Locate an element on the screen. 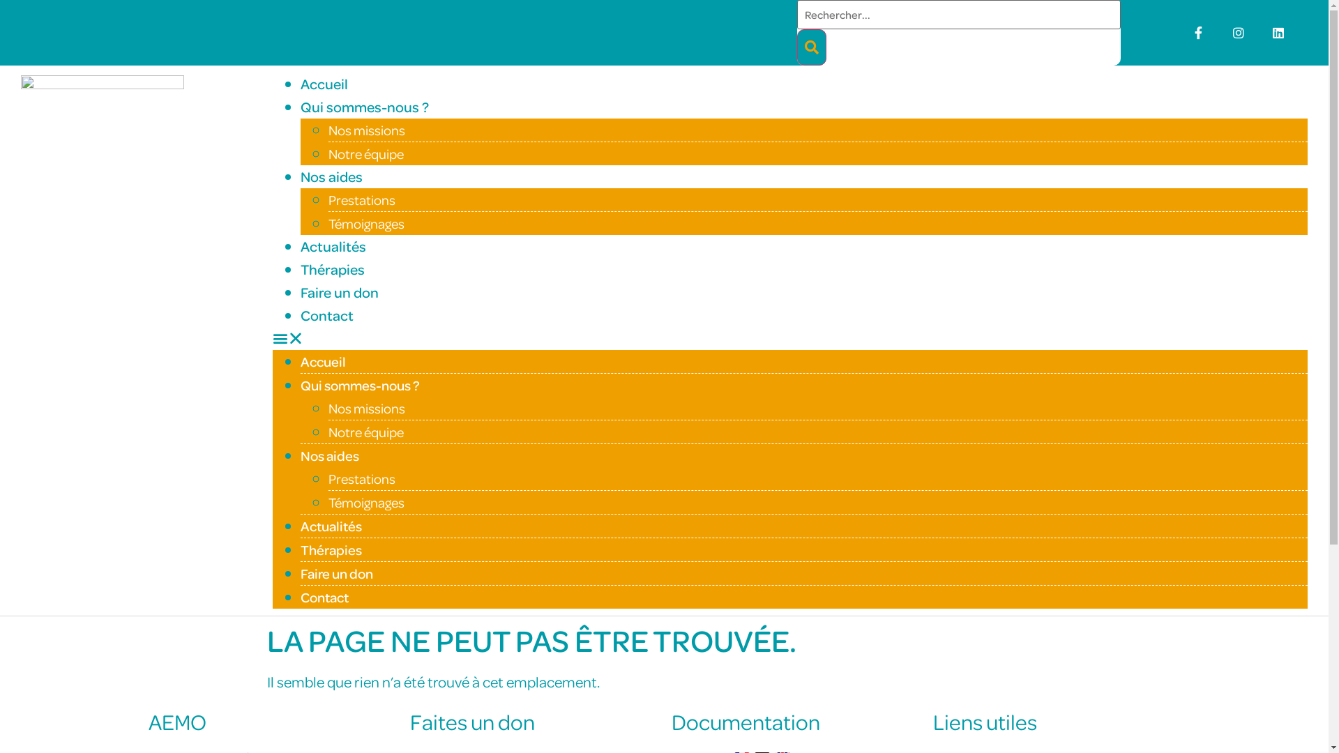 This screenshot has width=1339, height=753. 'Nos missions' is located at coordinates (367, 130).